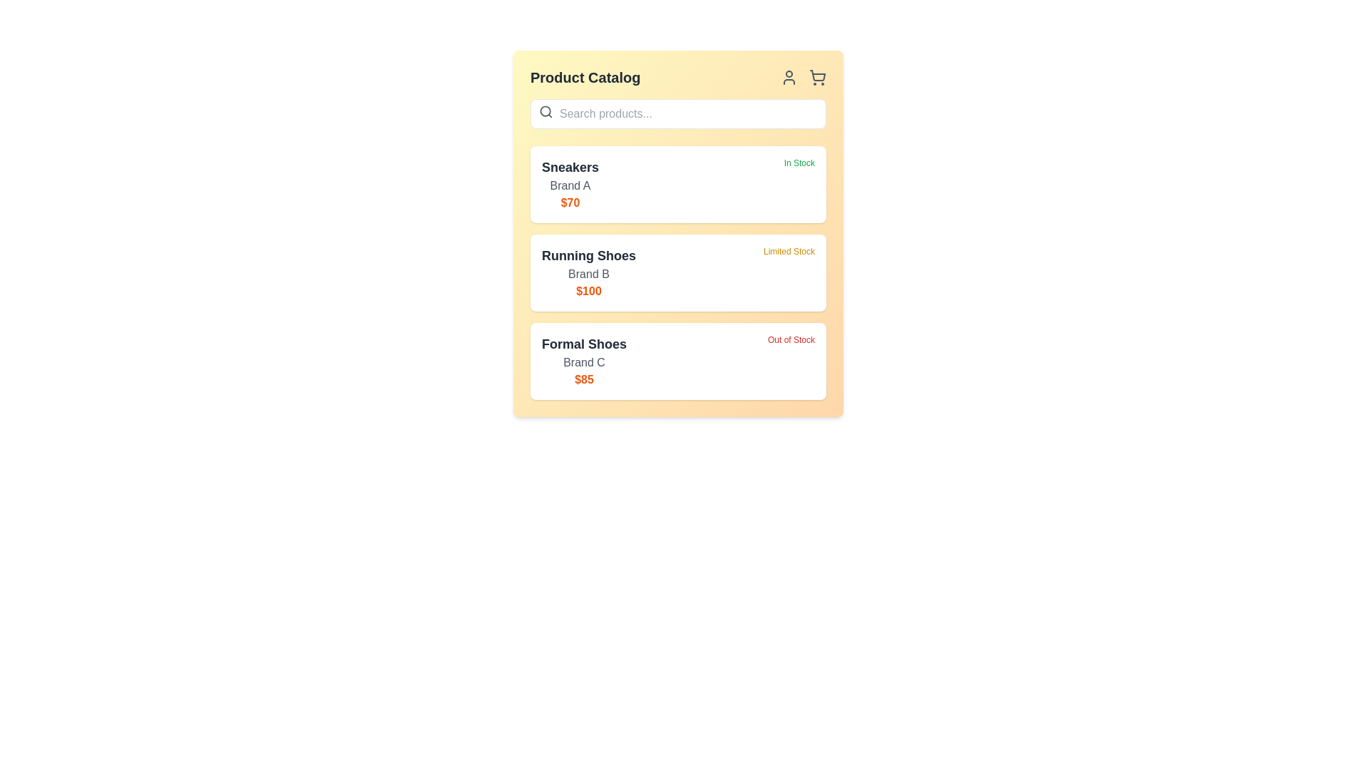 This screenshot has height=770, width=1369. What do you see at coordinates (677, 360) in the screenshot?
I see `the third product card in the catalog, which displays product details such as name, brand, price, and availability status` at bounding box center [677, 360].